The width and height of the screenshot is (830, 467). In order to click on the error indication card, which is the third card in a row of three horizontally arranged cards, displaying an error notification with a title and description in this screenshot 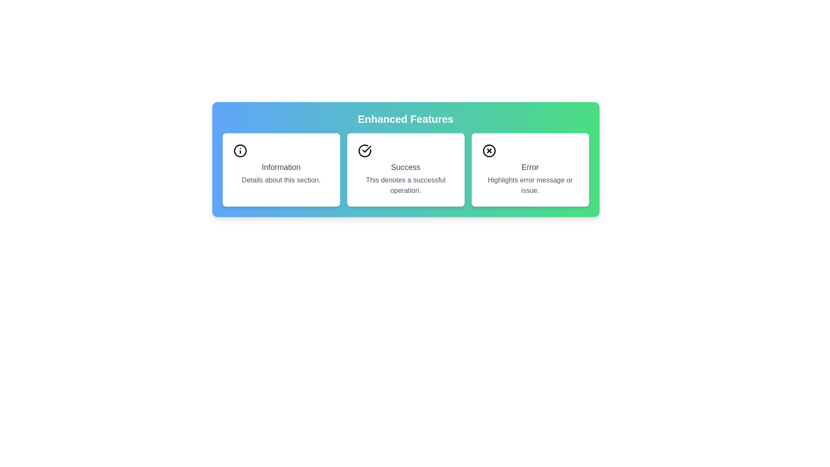, I will do `click(530, 170)`.